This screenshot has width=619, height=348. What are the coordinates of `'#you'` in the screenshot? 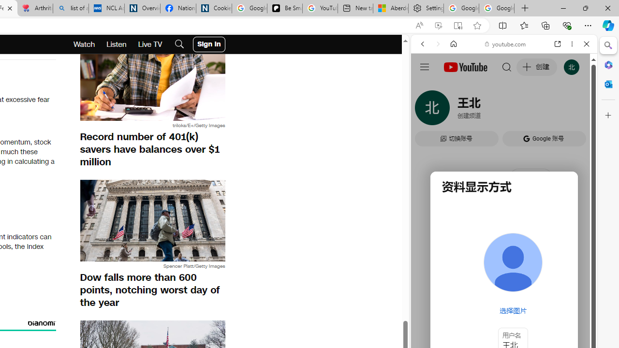 It's located at (503, 215).